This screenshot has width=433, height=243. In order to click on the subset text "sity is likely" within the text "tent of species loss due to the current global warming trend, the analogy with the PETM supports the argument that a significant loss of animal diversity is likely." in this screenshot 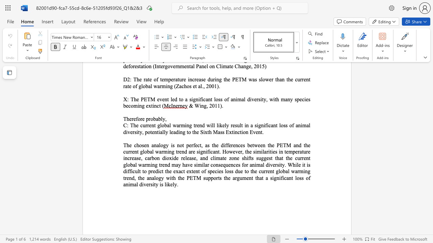, I will do `click(150, 184)`.